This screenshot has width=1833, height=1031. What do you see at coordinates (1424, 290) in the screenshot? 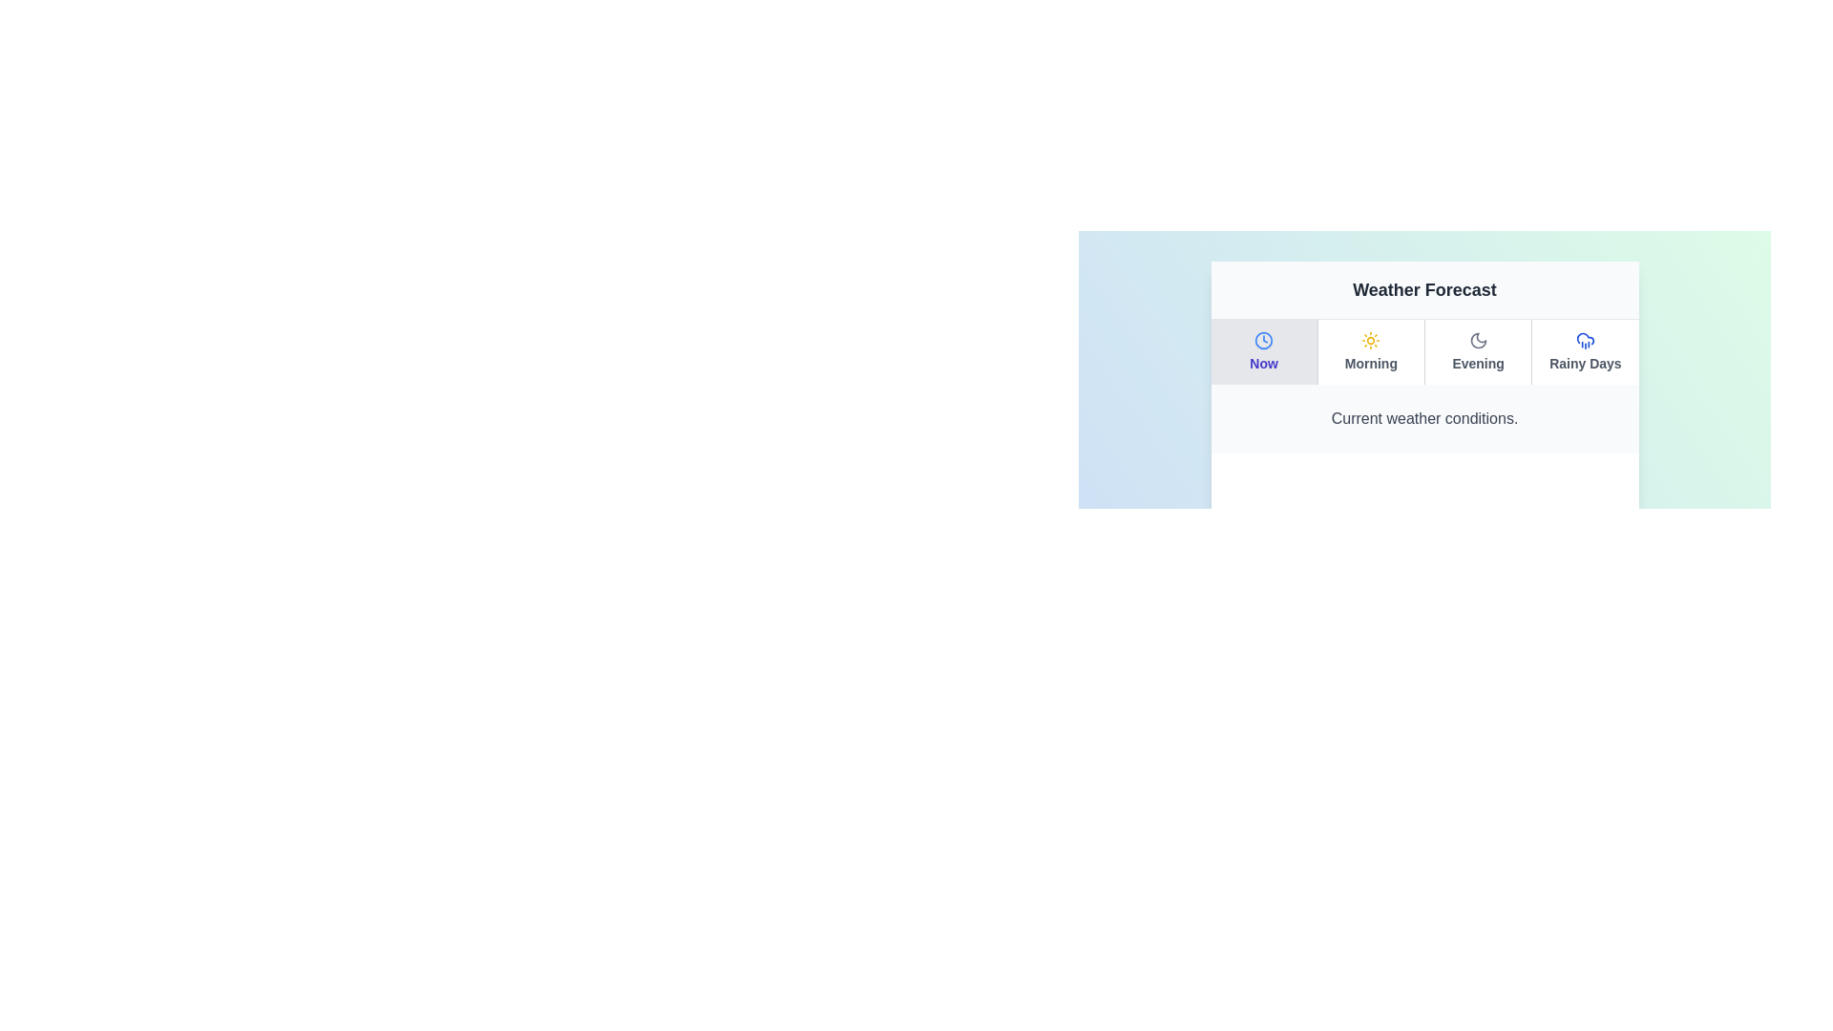
I see `the 'Weather Forecast' text label which is prominently displayed in bold, large-sized dark gray font at the top of the section, centered above the row of options` at bounding box center [1424, 290].